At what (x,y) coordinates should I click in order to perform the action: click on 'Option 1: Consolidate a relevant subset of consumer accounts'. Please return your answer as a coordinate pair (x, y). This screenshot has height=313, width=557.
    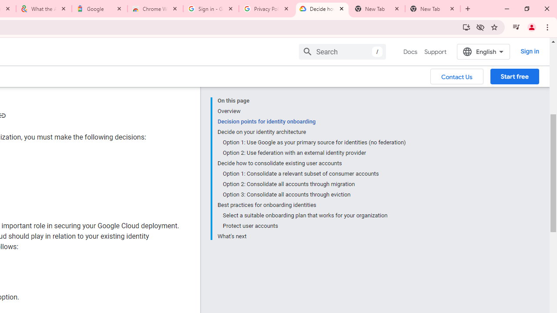
    Looking at the image, I should click on (313, 173).